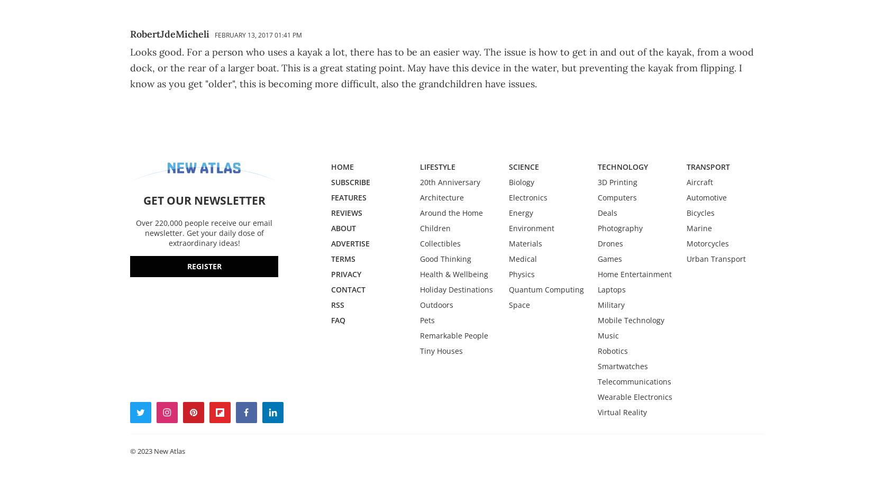 This screenshot has height=485, width=895. What do you see at coordinates (350, 181) in the screenshot?
I see `'SUBSCRIBE'` at bounding box center [350, 181].